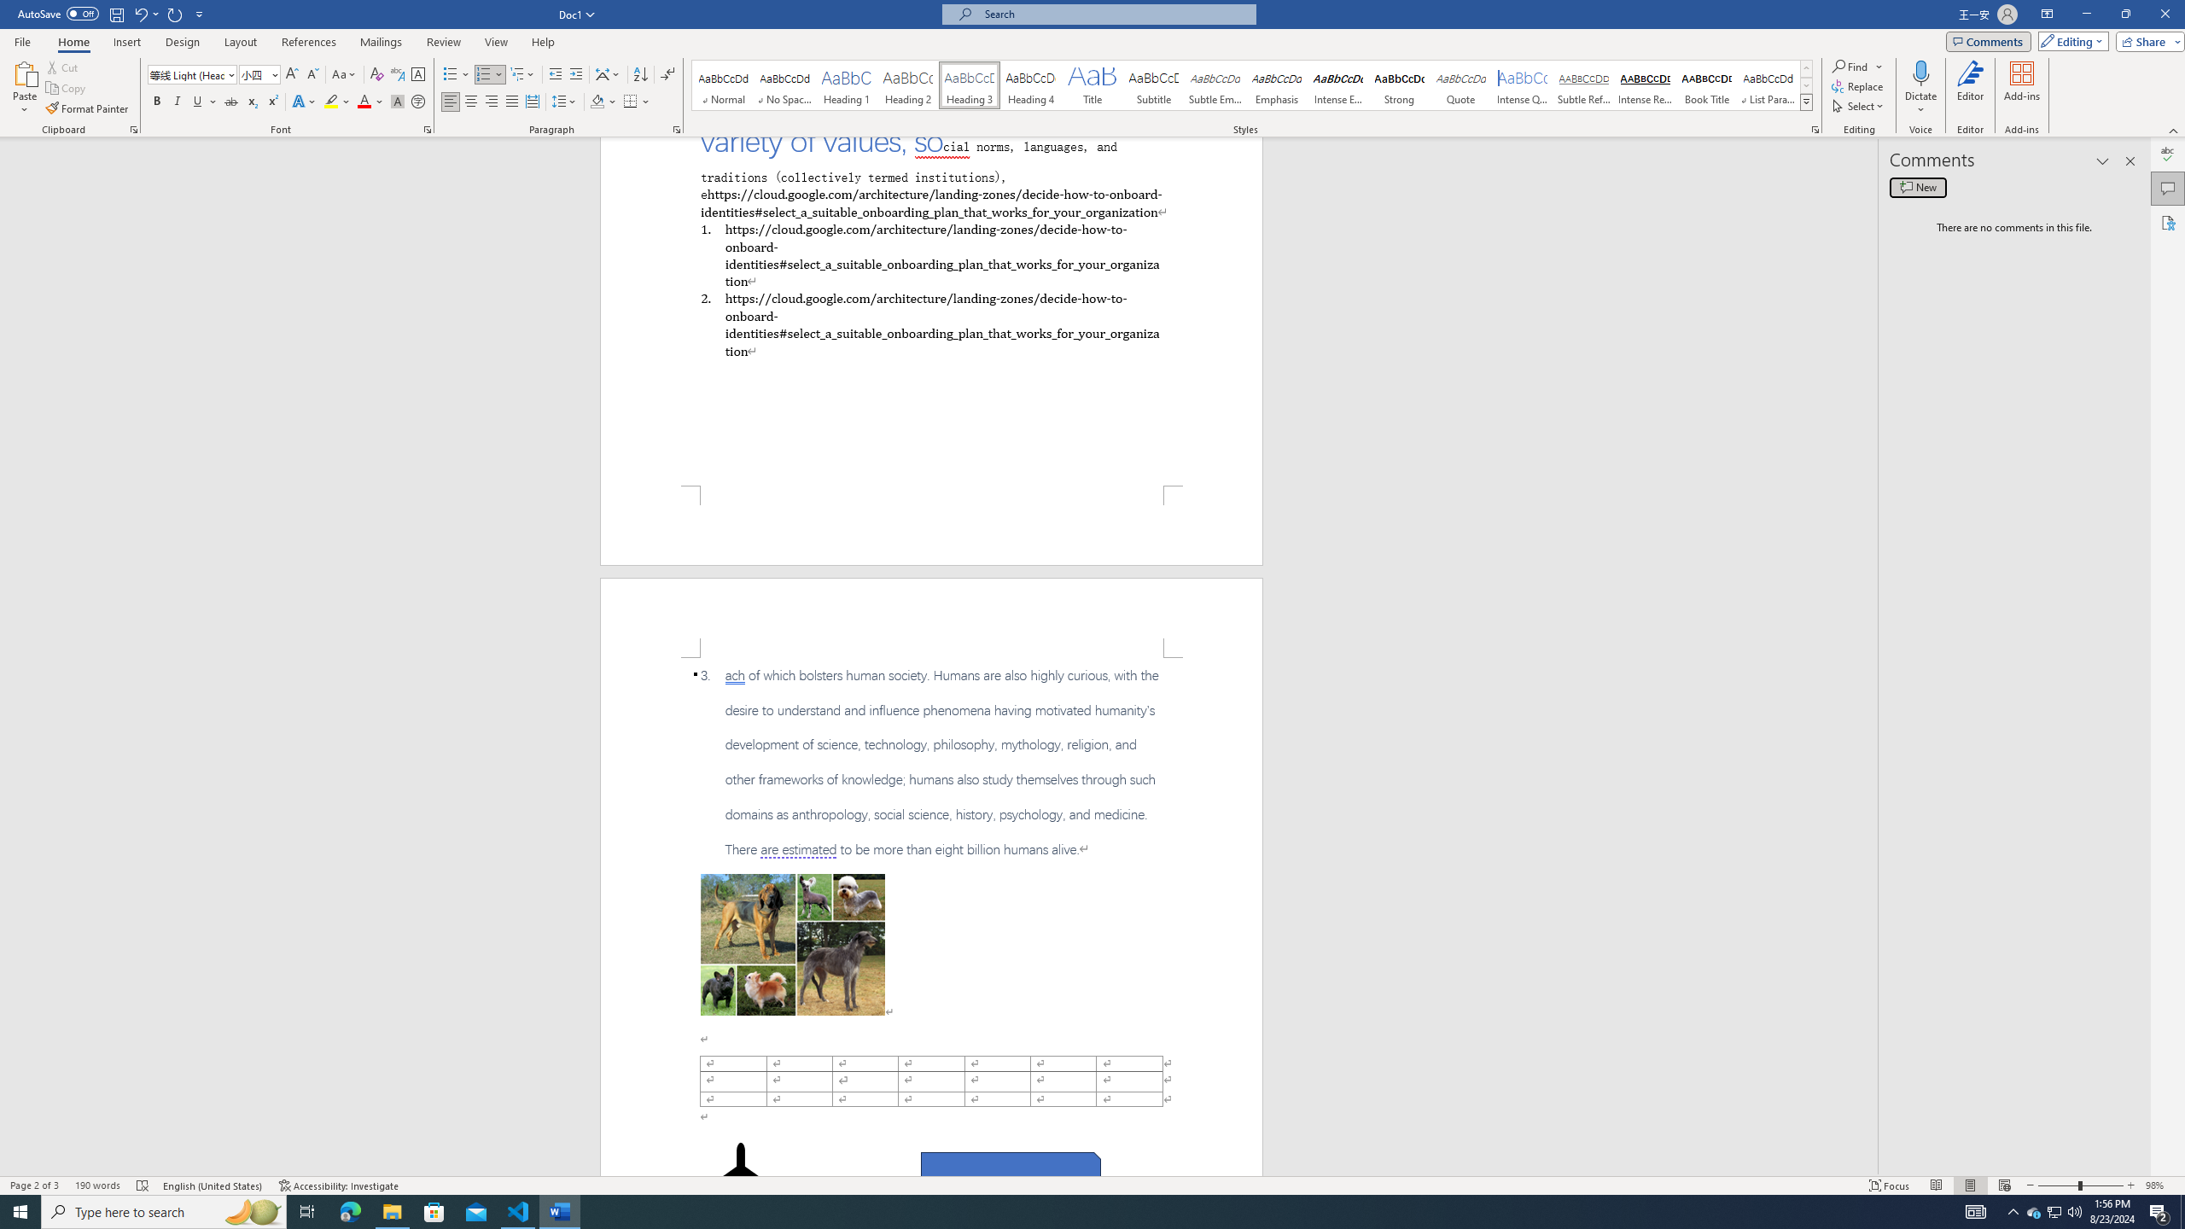 The width and height of the screenshot is (2185, 1229). What do you see at coordinates (1917, 186) in the screenshot?
I see `'New comment'` at bounding box center [1917, 186].